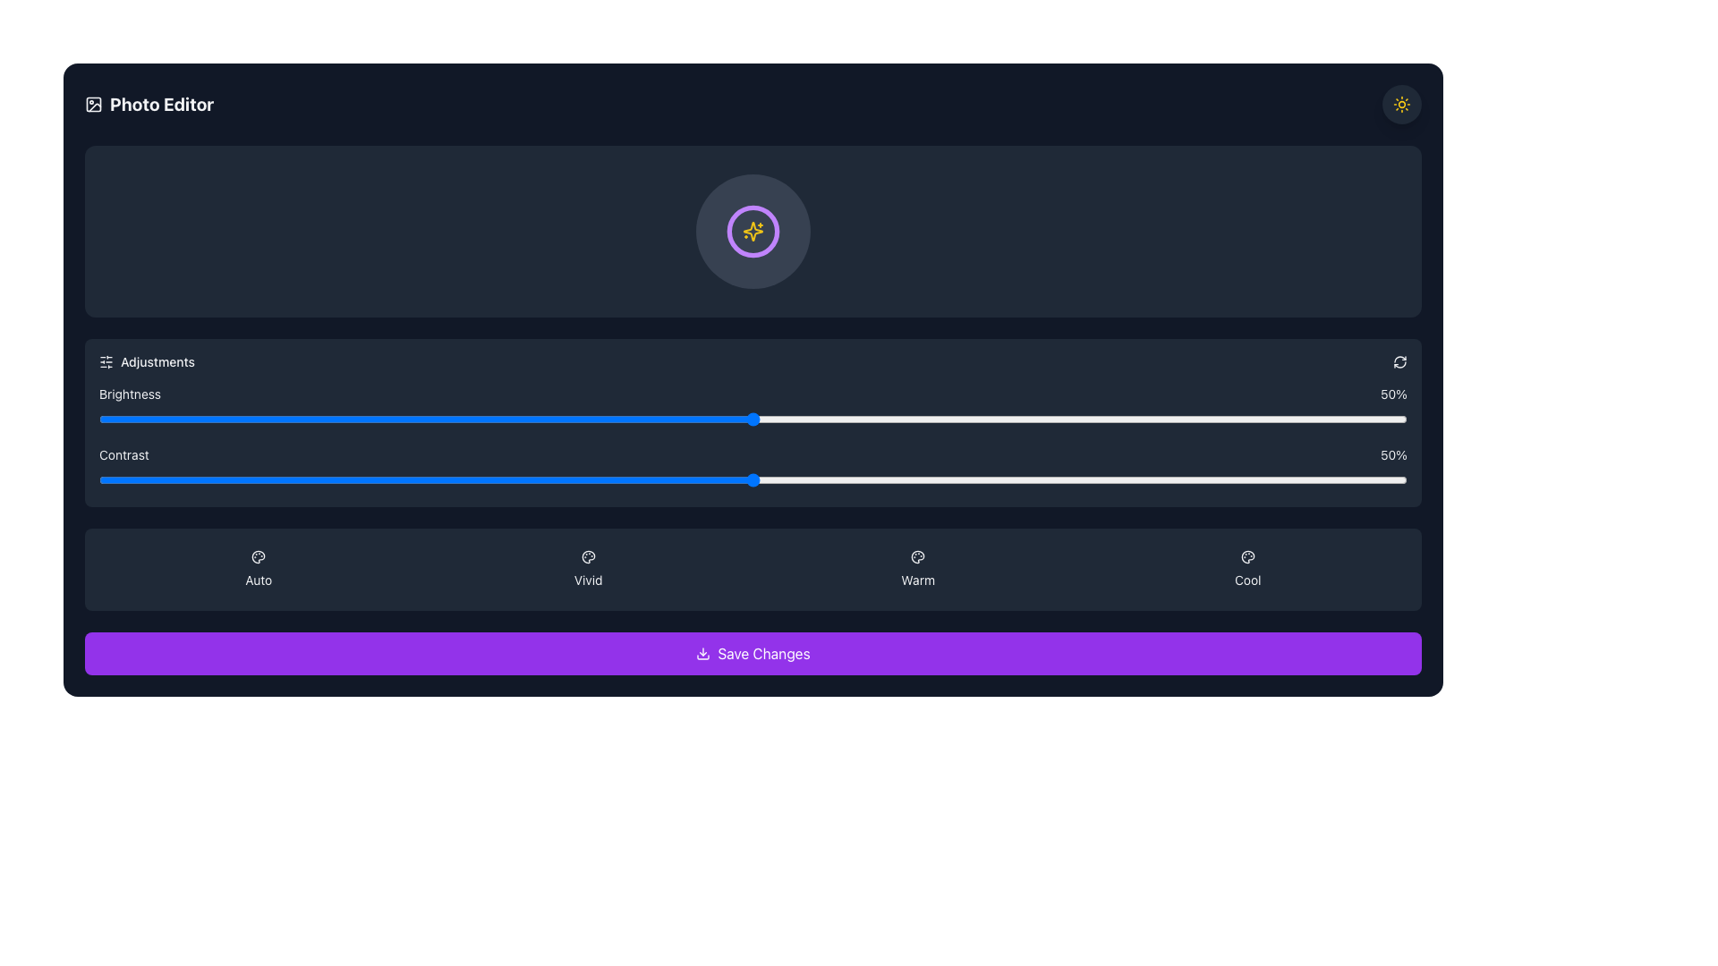 Image resolution: width=1718 pixels, height=966 pixels. I want to click on the circular sun icon located at the top-center of the interface, featuring a central yellow circle and radial lines on a dark gray background, so click(1400, 104).